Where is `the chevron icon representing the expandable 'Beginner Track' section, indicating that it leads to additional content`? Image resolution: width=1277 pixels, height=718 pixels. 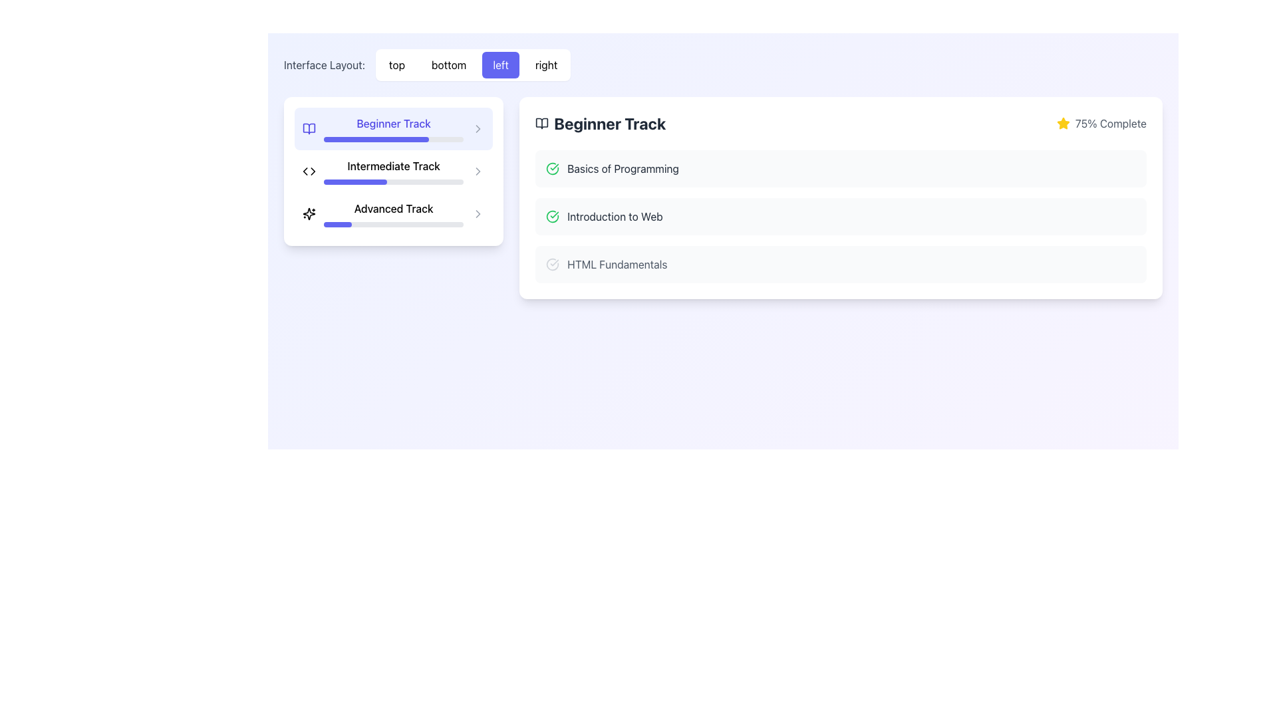
the chevron icon representing the expandable 'Beginner Track' section, indicating that it leads to additional content is located at coordinates (478, 128).